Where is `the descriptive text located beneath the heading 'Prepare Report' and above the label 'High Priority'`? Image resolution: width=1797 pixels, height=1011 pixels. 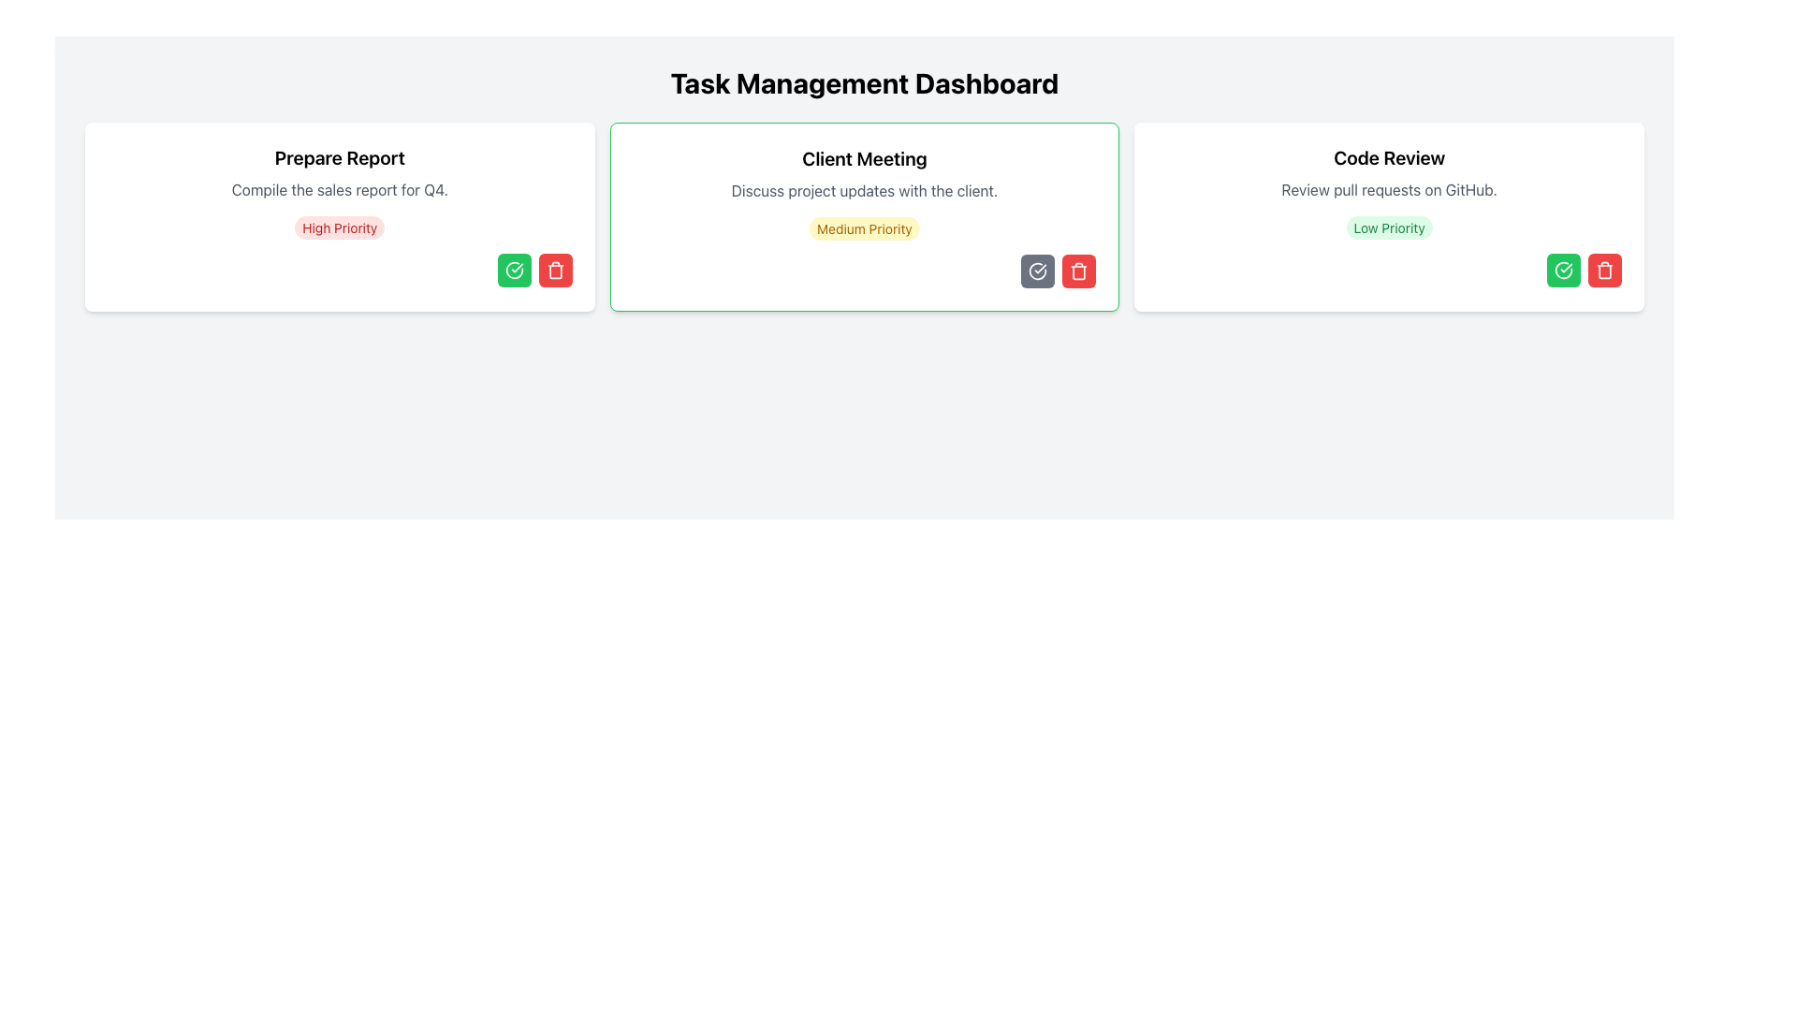 the descriptive text located beneath the heading 'Prepare Report' and above the label 'High Priority' is located at coordinates (340, 190).